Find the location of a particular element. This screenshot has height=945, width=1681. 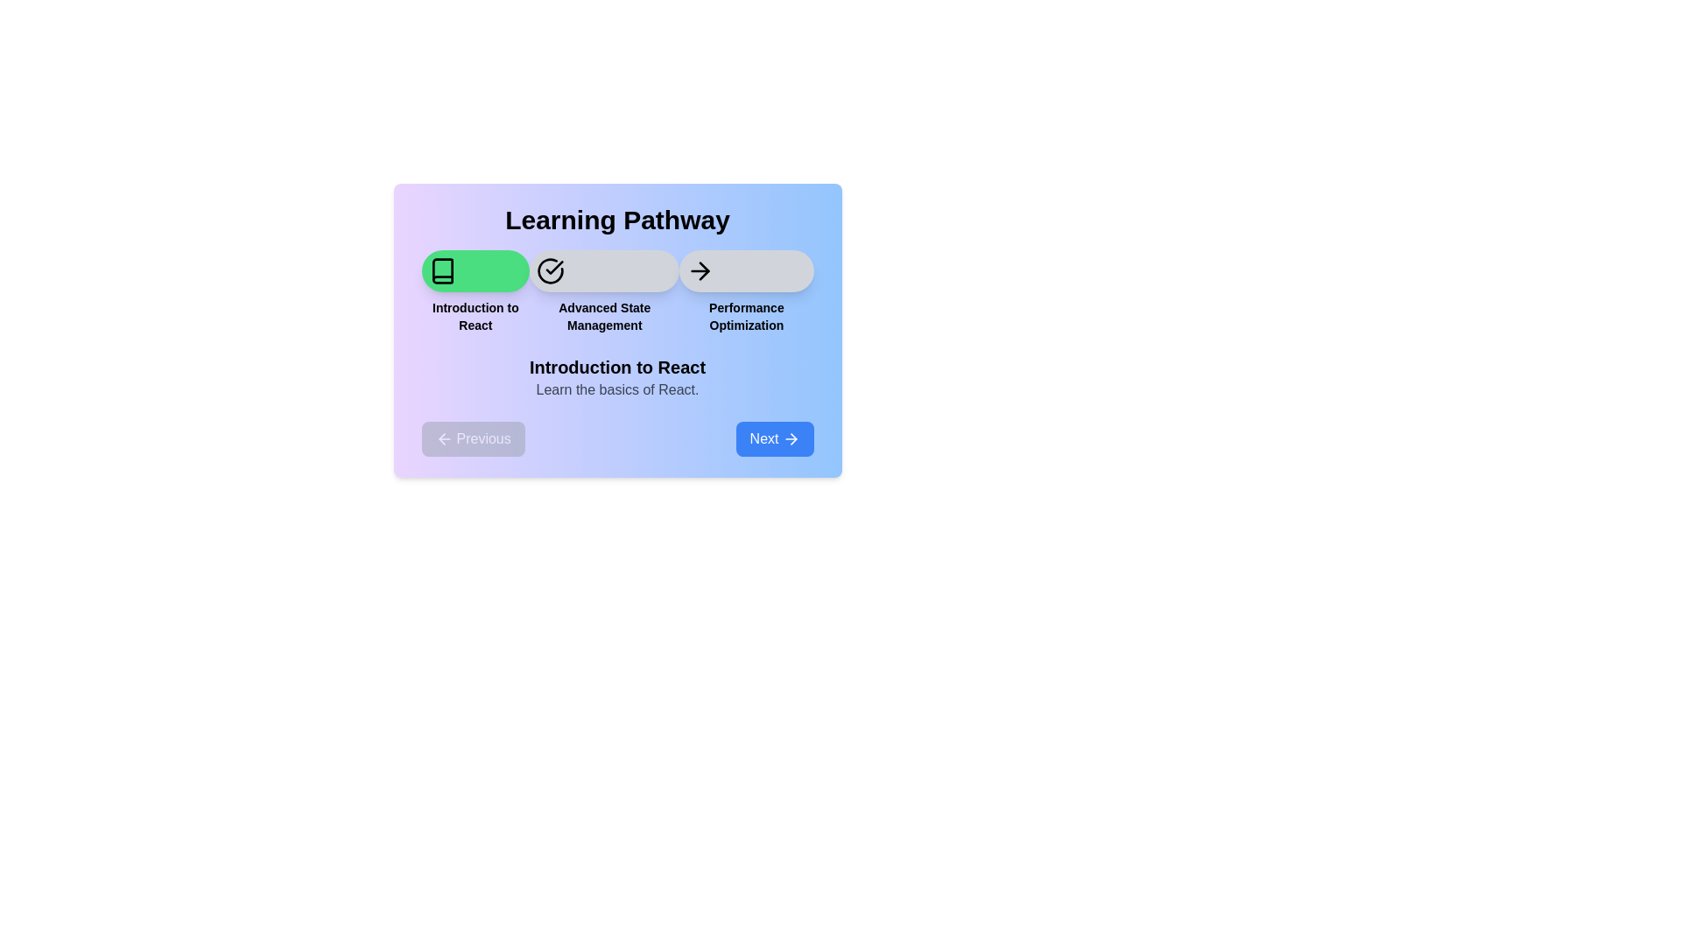

the step icon corresponding to Performance Optimization is located at coordinates (746, 270).